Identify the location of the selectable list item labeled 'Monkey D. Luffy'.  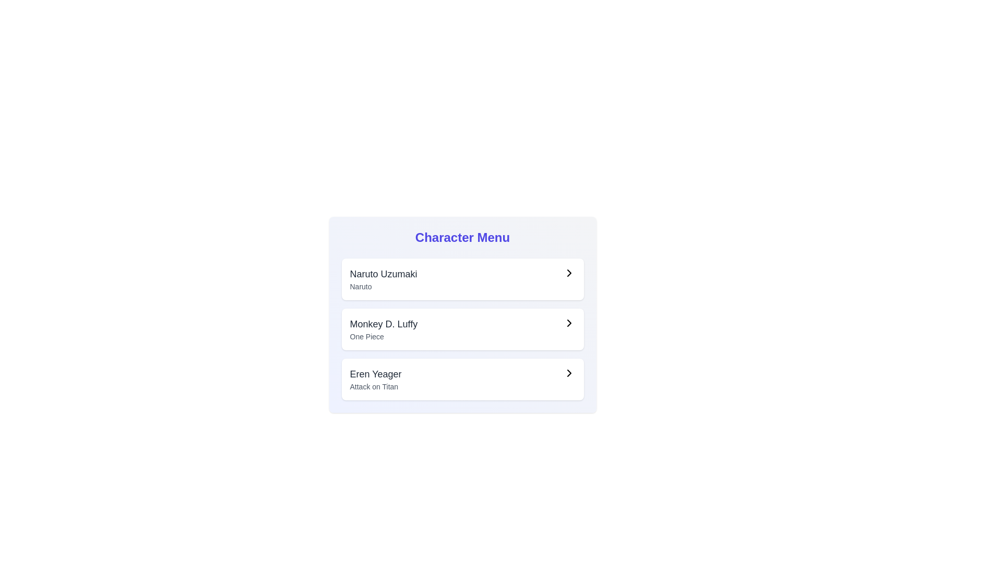
(462, 329).